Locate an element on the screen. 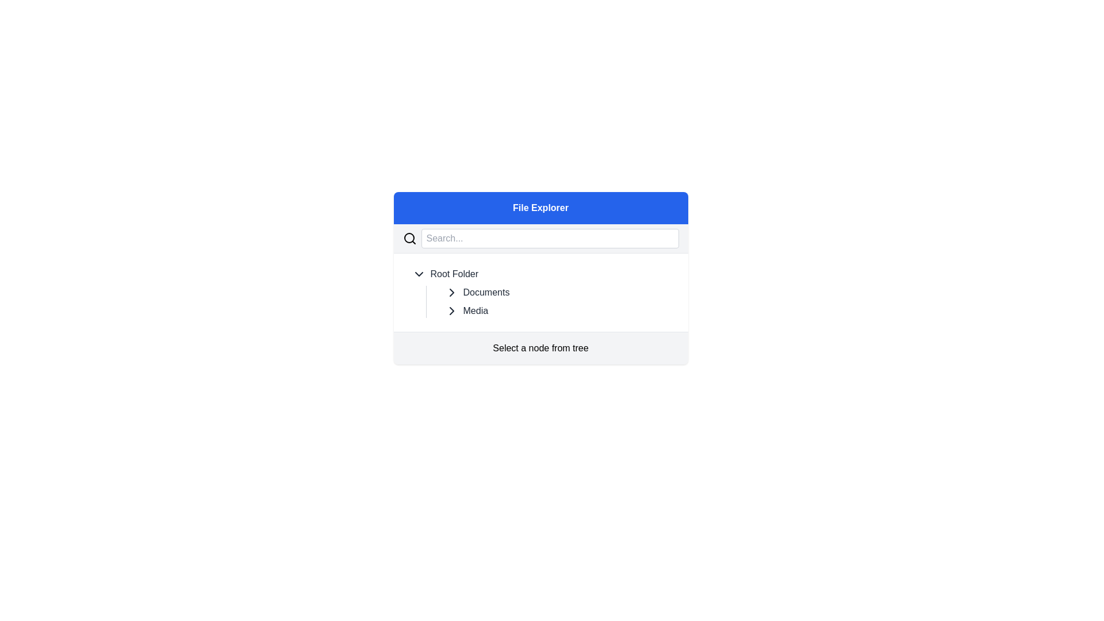 The image size is (1104, 621). the 'Root Folder' text label is located at coordinates (454, 274).